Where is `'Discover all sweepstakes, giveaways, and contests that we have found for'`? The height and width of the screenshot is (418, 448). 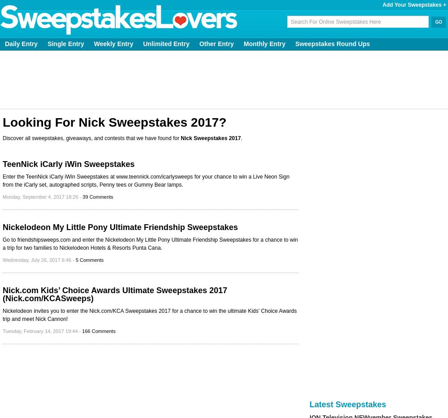
'Discover all sweepstakes, giveaways, and contests that we have found for' is located at coordinates (91, 137).